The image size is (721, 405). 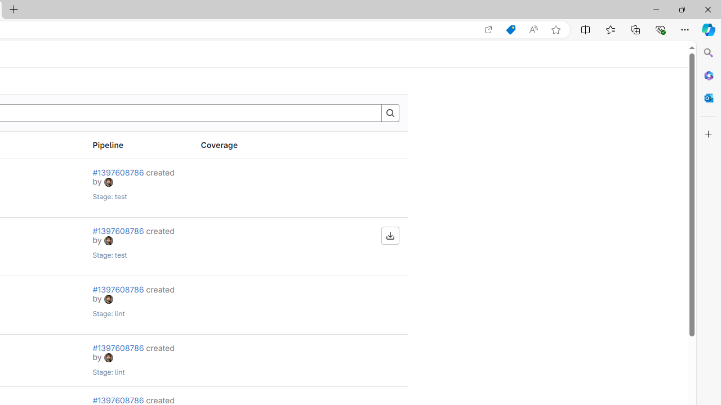 What do you see at coordinates (488, 29) in the screenshot?
I see `'Open in app'` at bounding box center [488, 29].